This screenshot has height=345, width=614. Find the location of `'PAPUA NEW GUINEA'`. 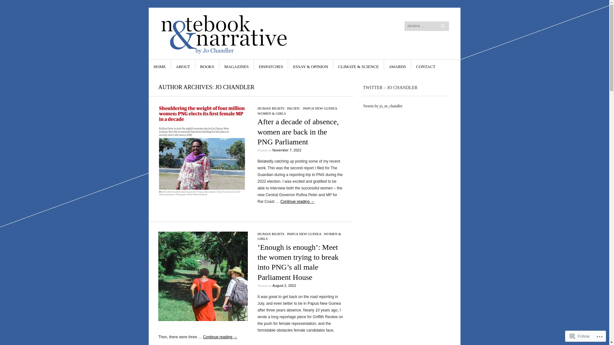

'PAPUA NEW GUINEA' is located at coordinates (303, 234).